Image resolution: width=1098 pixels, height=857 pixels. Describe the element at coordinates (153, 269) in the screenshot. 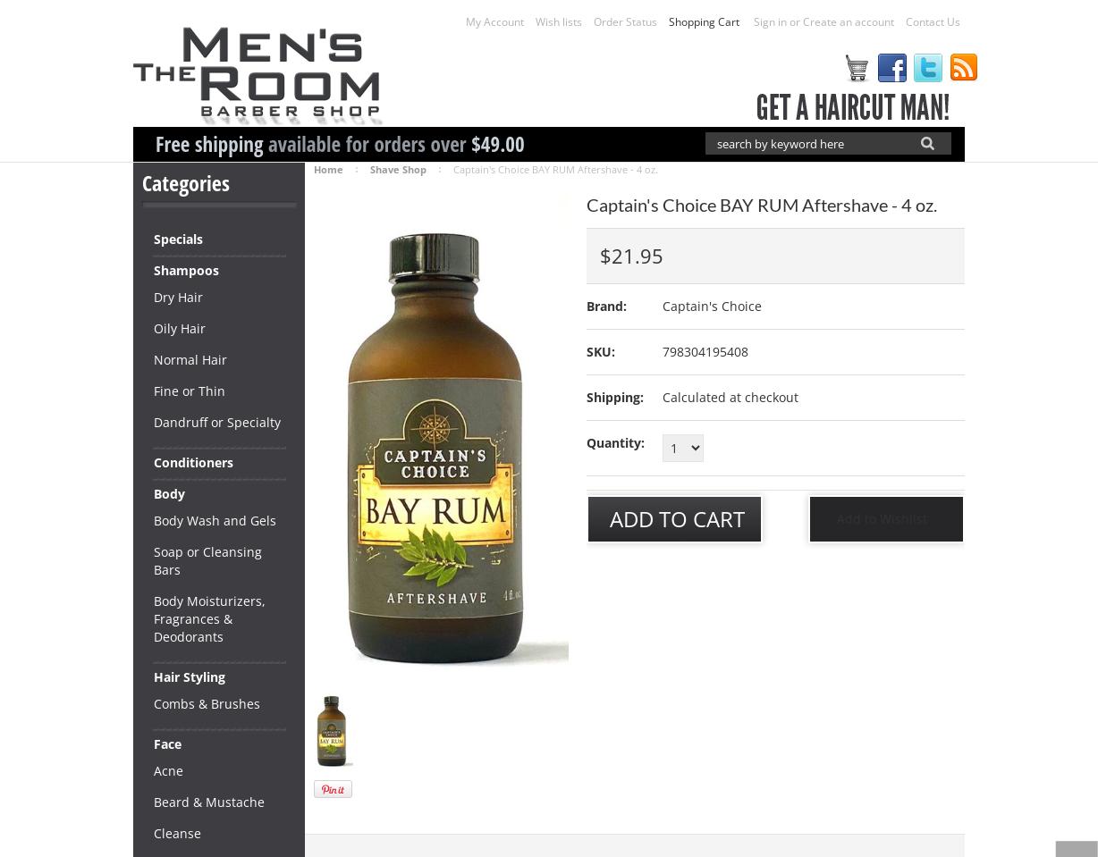

I see `'Shampoos'` at that location.